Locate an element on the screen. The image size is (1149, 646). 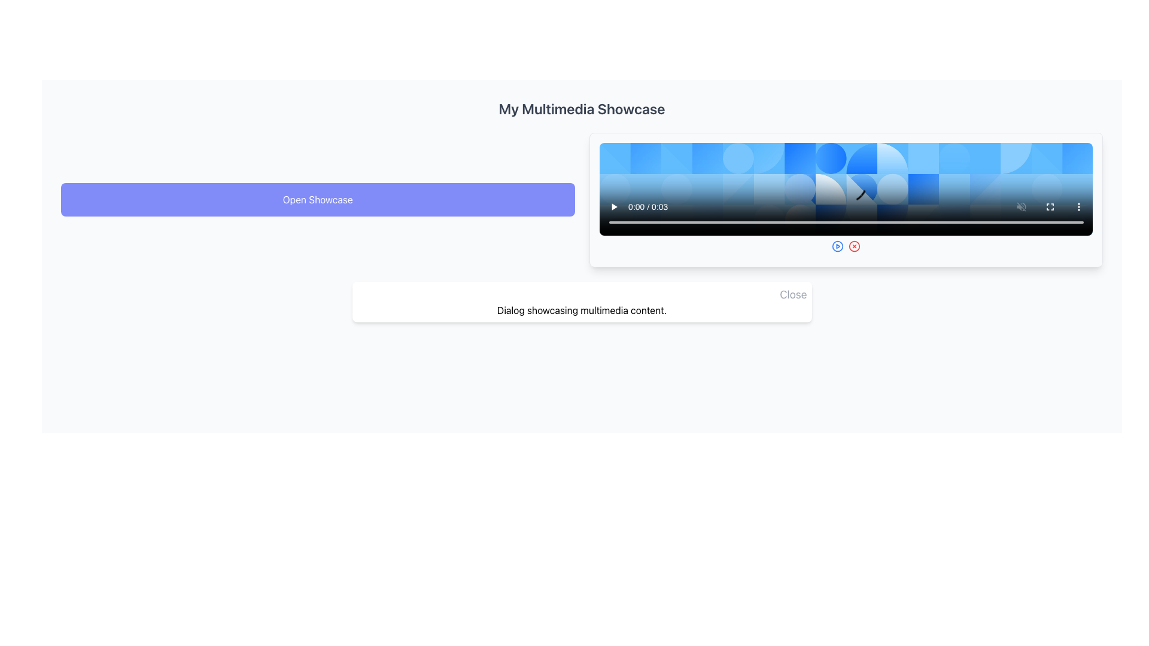
the grouped icon buttons located centrally below the video frame for keyboard navigation is located at coordinates (845, 245).